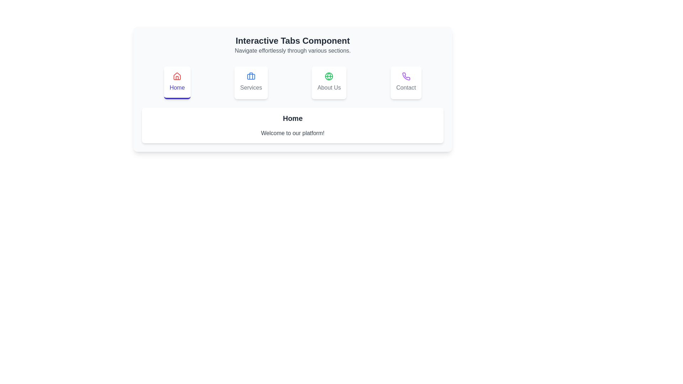 Image resolution: width=683 pixels, height=384 pixels. What do you see at coordinates (406, 82) in the screenshot?
I see `the Contact tab icon` at bounding box center [406, 82].